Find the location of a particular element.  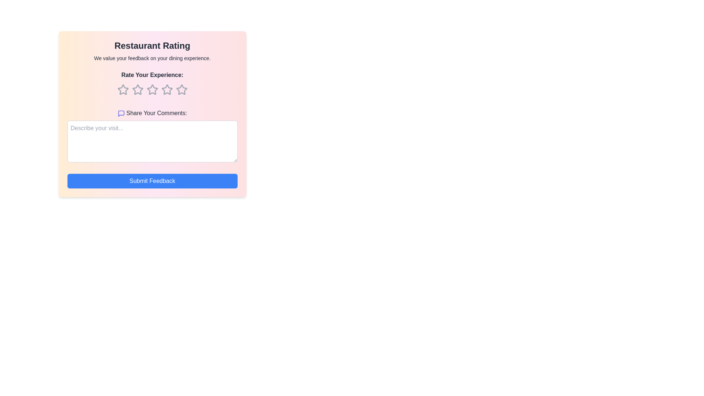

the second star in the horizontal set of rating icons under the title 'Rate Your Experience:' is located at coordinates (137, 89).